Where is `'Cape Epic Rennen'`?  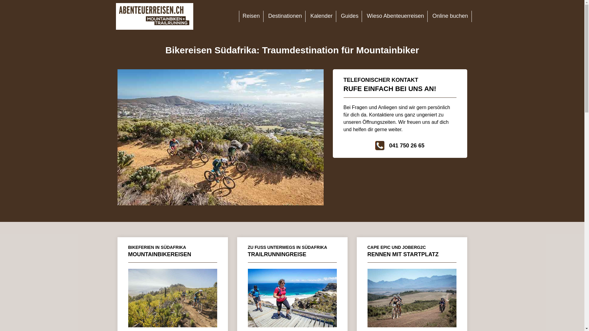
'Cape Epic Rennen' is located at coordinates (412, 298).